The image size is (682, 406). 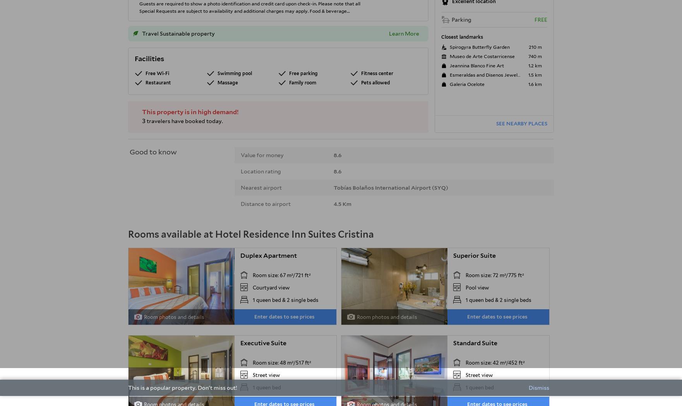 What do you see at coordinates (265, 203) in the screenshot?
I see `'Distance to airport'` at bounding box center [265, 203].